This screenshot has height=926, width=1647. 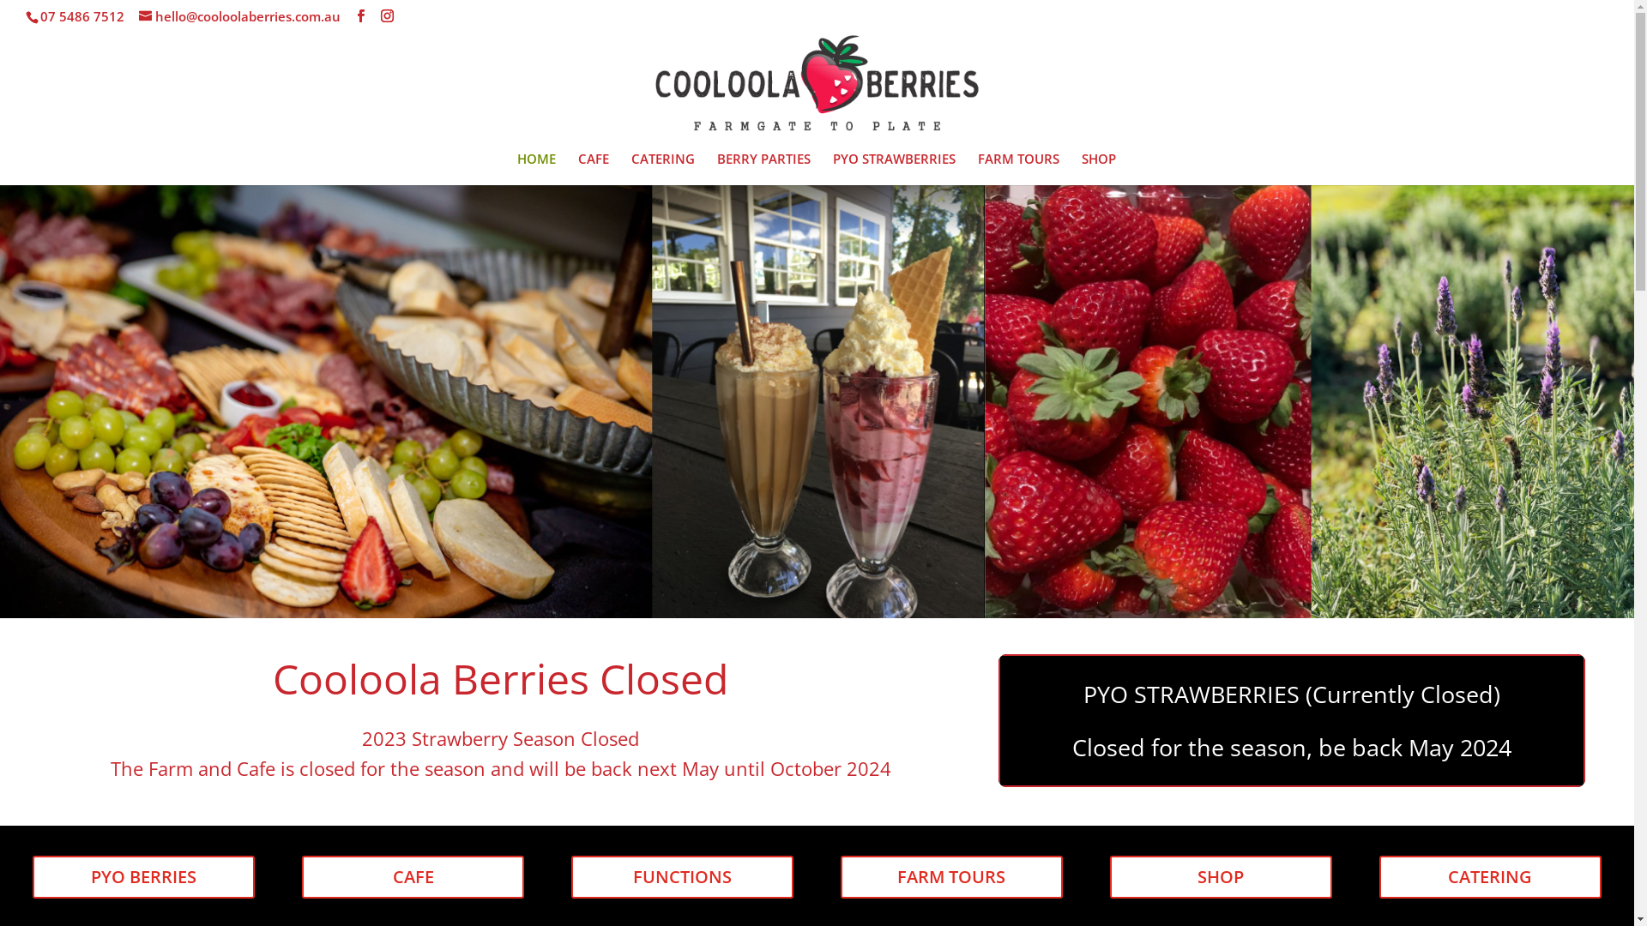 What do you see at coordinates (978, 168) in the screenshot?
I see `'FARM TOURS'` at bounding box center [978, 168].